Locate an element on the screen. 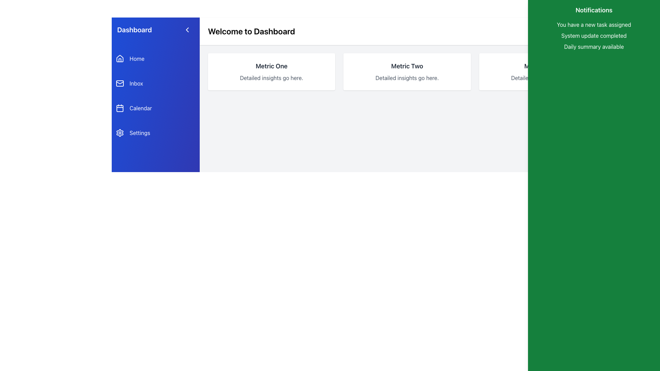 This screenshot has width=660, height=371. the vertically elongated rectangle that forms the base of the house icon in the navigation menu on the left sidebar is located at coordinates (120, 60).